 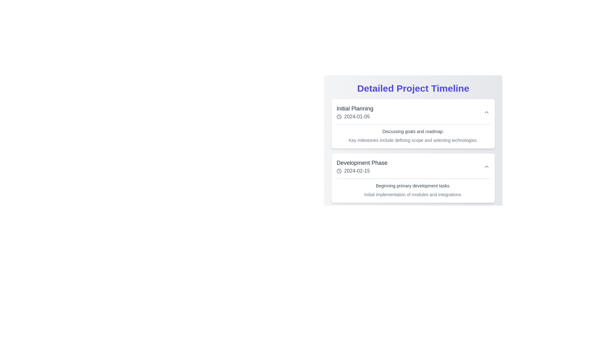 What do you see at coordinates (413, 124) in the screenshot?
I see `the first card in the 'Detailed Project Timeline' section, which summarizes the planning phase of a project` at bounding box center [413, 124].